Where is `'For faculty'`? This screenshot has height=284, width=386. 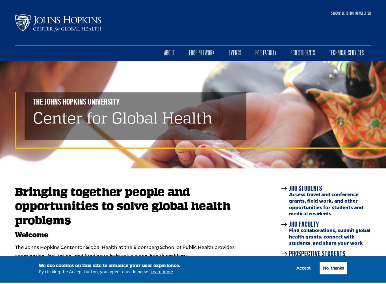
'For faculty' is located at coordinates (266, 53).